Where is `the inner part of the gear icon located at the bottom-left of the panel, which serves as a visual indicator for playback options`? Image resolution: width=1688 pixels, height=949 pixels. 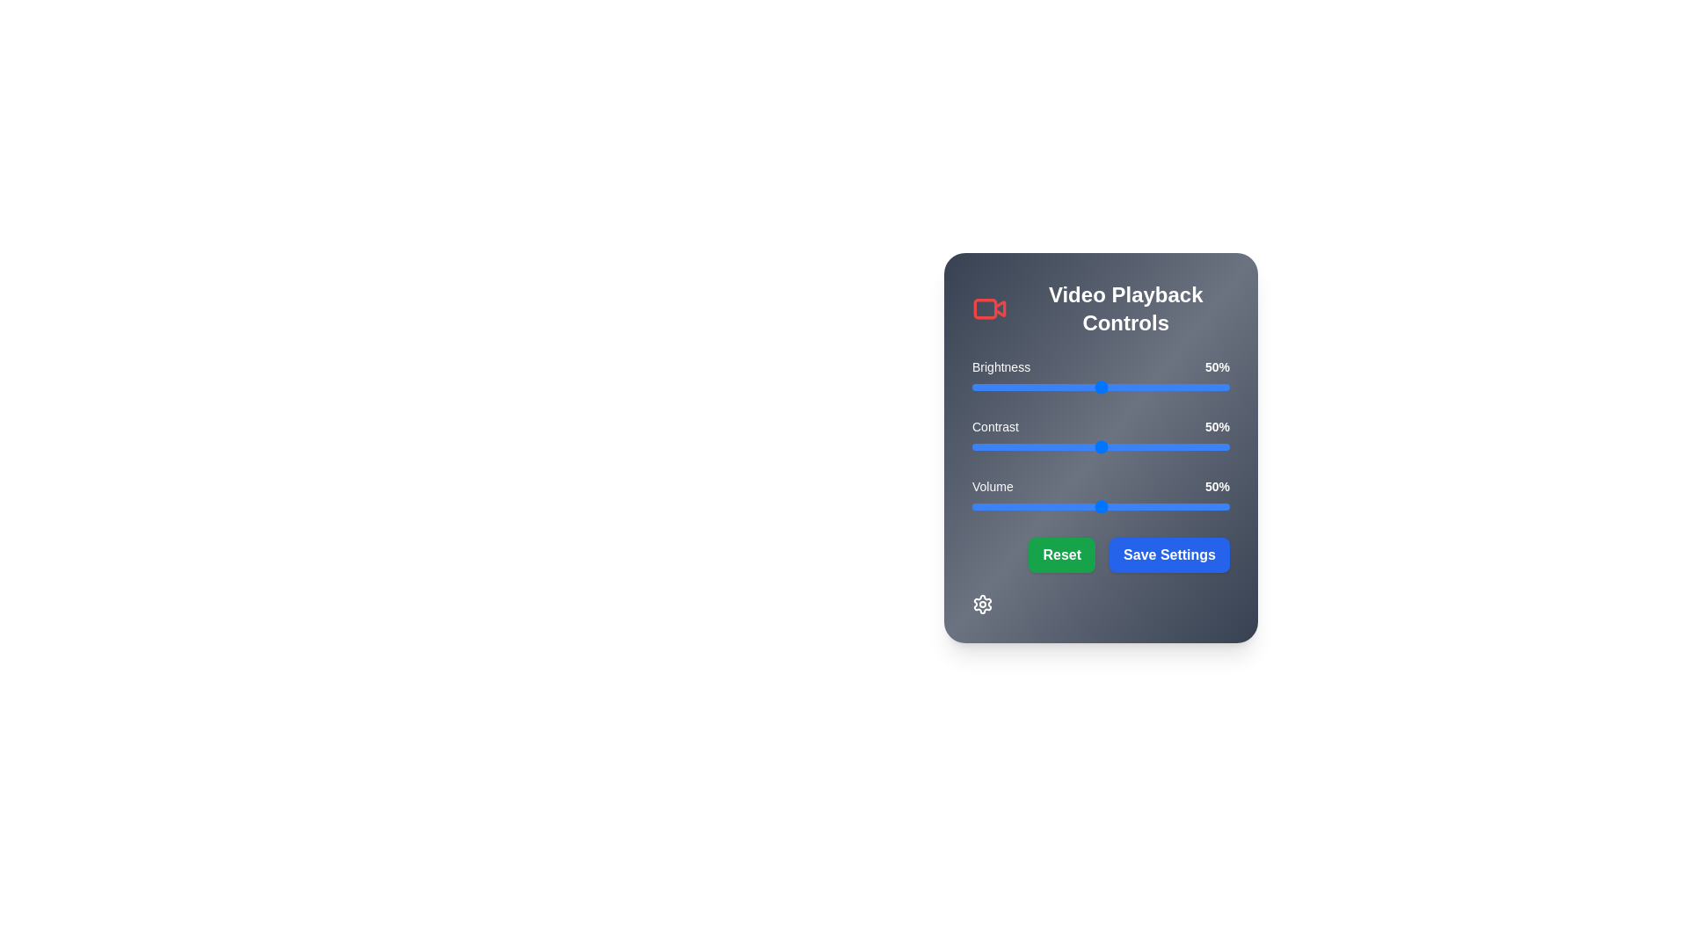 the inner part of the gear icon located at the bottom-left of the panel, which serves as a visual indicator for playback options is located at coordinates (982, 603).